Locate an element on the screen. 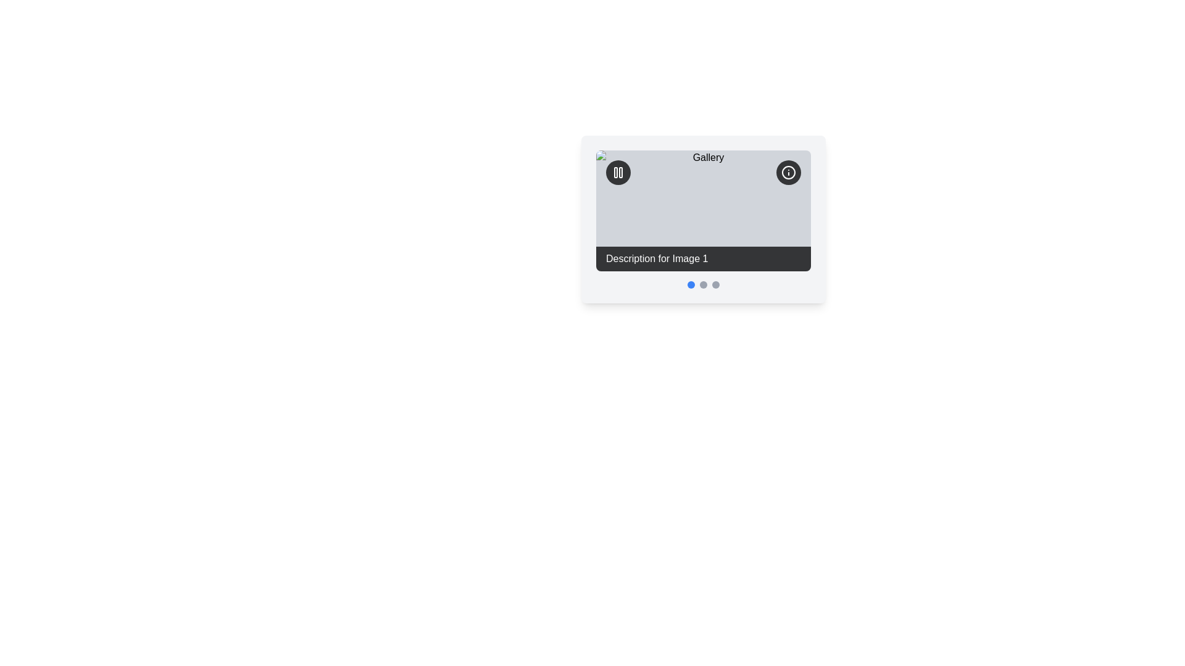  the text label displaying 'Description for Image 1' which is centrally positioned on a black semi-transparent background in the lower area of the interface is located at coordinates (656, 258).